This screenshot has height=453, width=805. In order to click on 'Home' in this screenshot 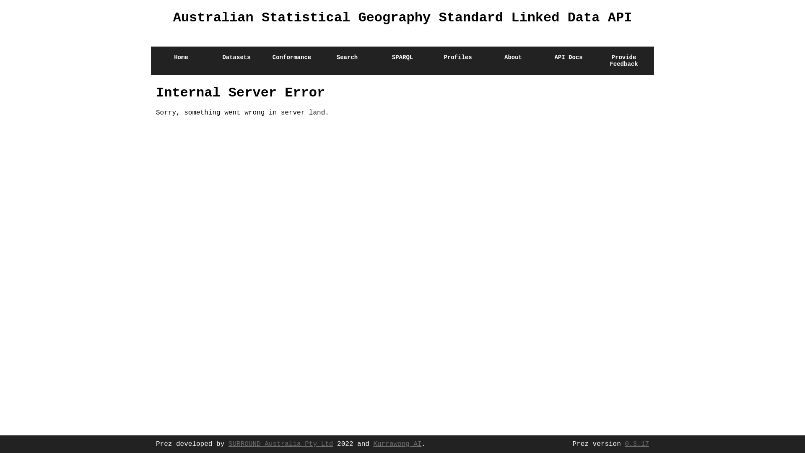, I will do `click(181, 60)`.